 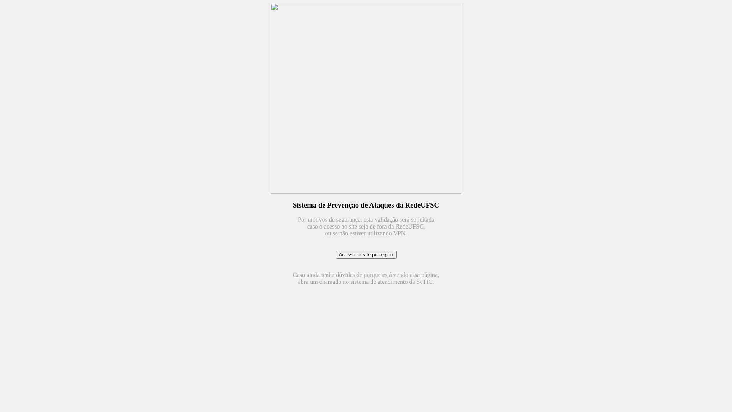 What do you see at coordinates (335, 254) in the screenshot?
I see `'Acessar o site protegido'` at bounding box center [335, 254].